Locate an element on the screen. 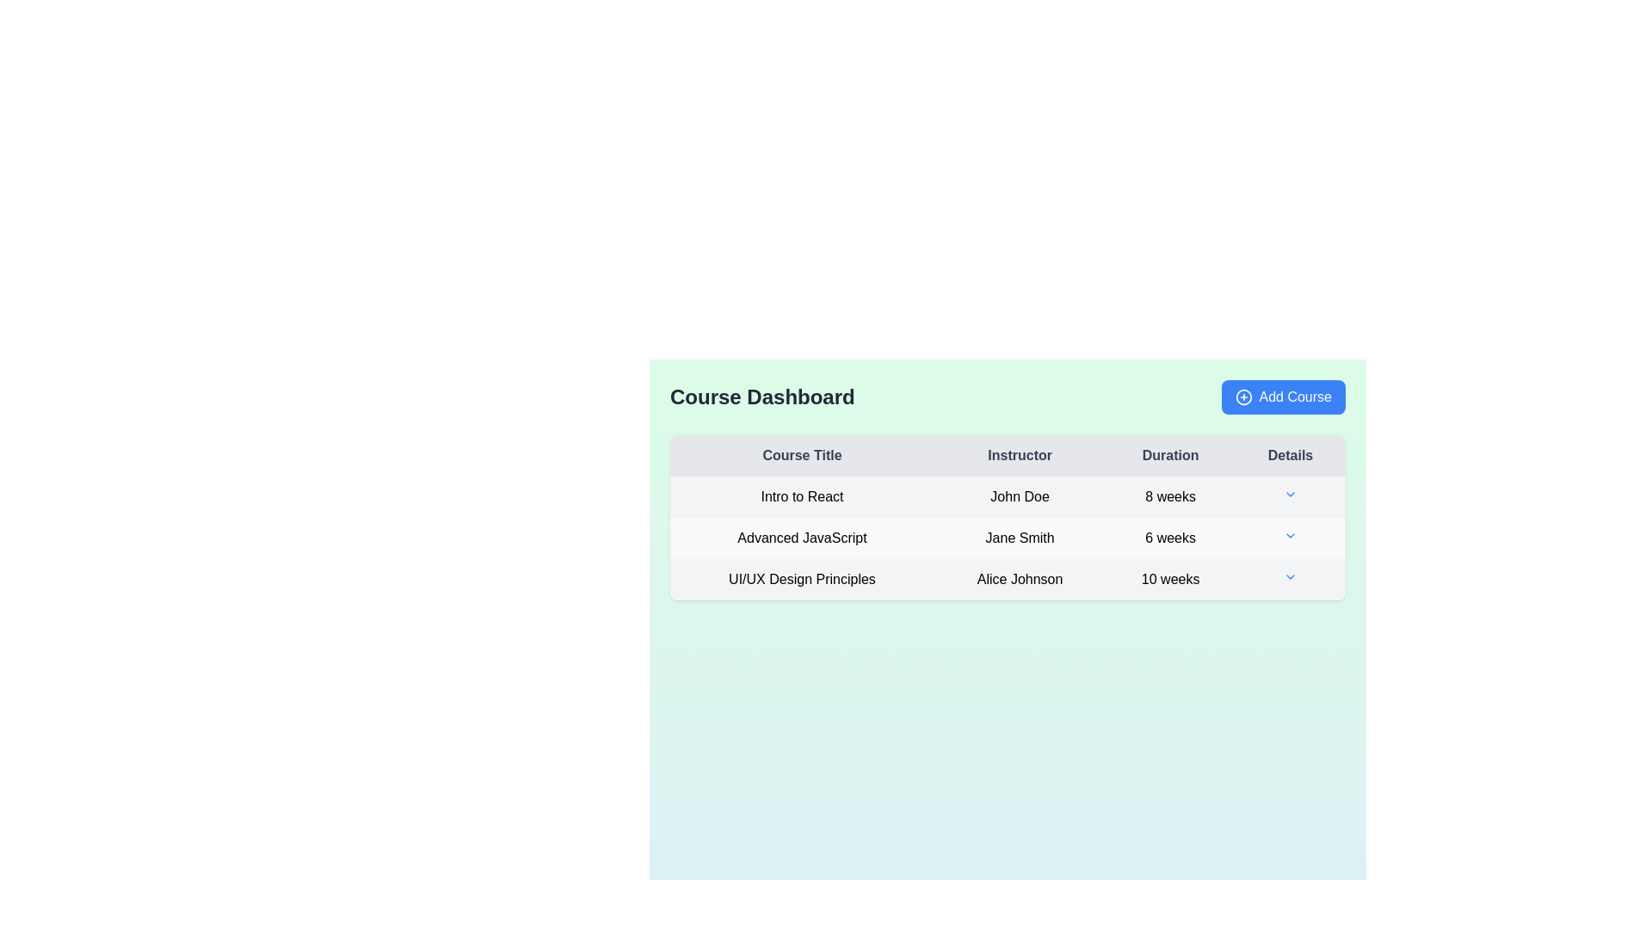  circular '+' icon outlined in blue with a white background, located within the 'Add Course' button, positioned towards the left edge of the button is located at coordinates (1243, 397).